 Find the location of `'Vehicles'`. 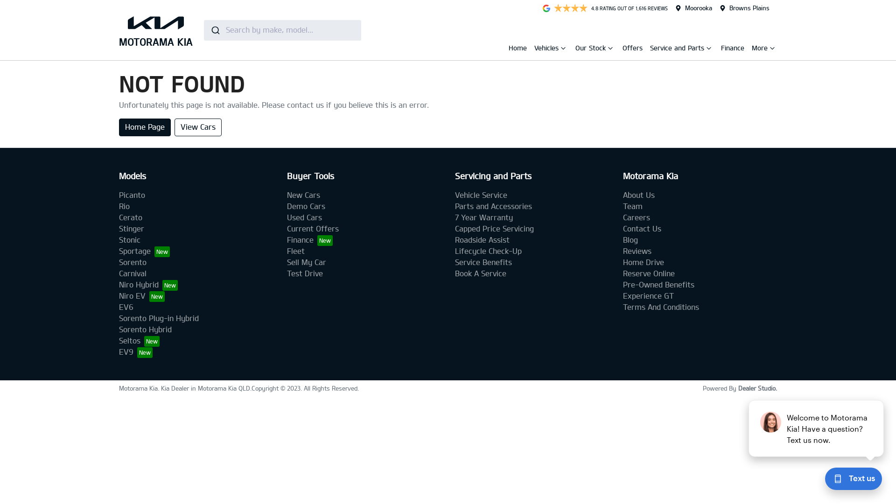

'Vehicles' is located at coordinates (547, 49).